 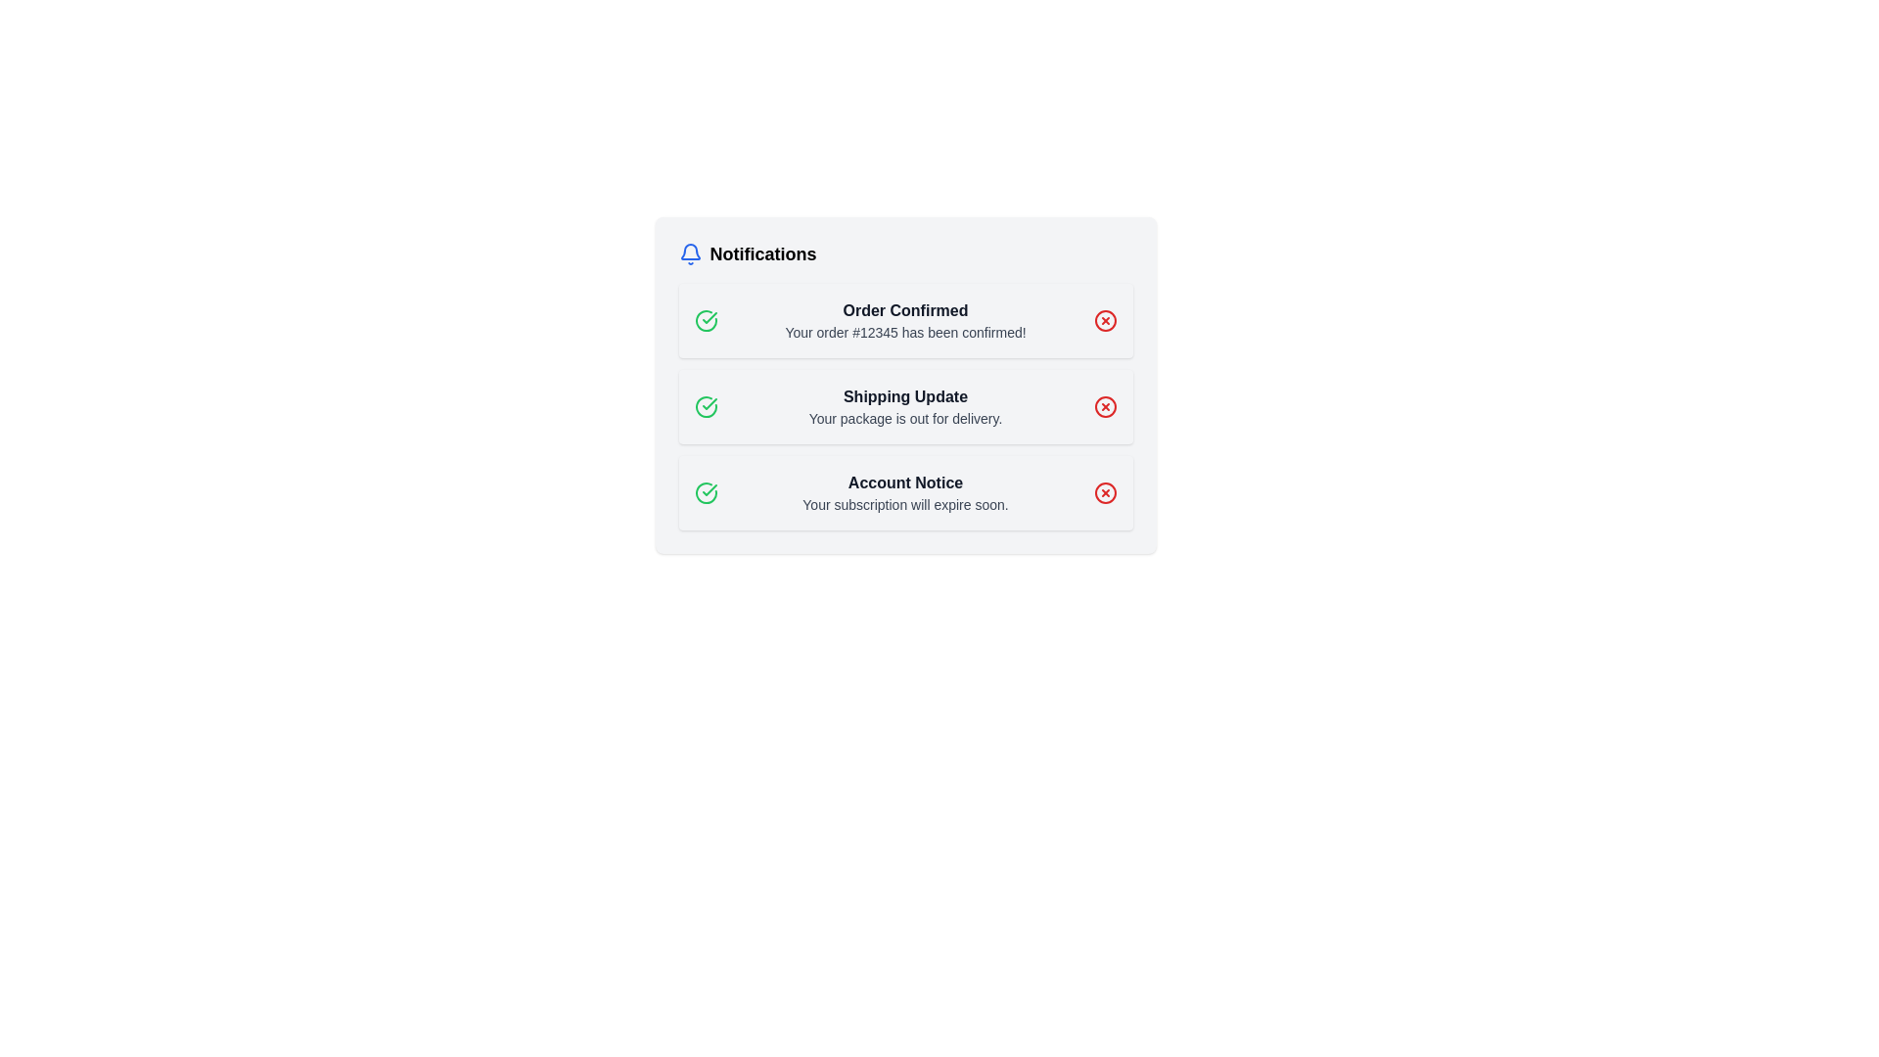 What do you see at coordinates (904, 406) in the screenshot?
I see `notification title and details from the centrally aligned notification list in the 'Notifications' section` at bounding box center [904, 406].